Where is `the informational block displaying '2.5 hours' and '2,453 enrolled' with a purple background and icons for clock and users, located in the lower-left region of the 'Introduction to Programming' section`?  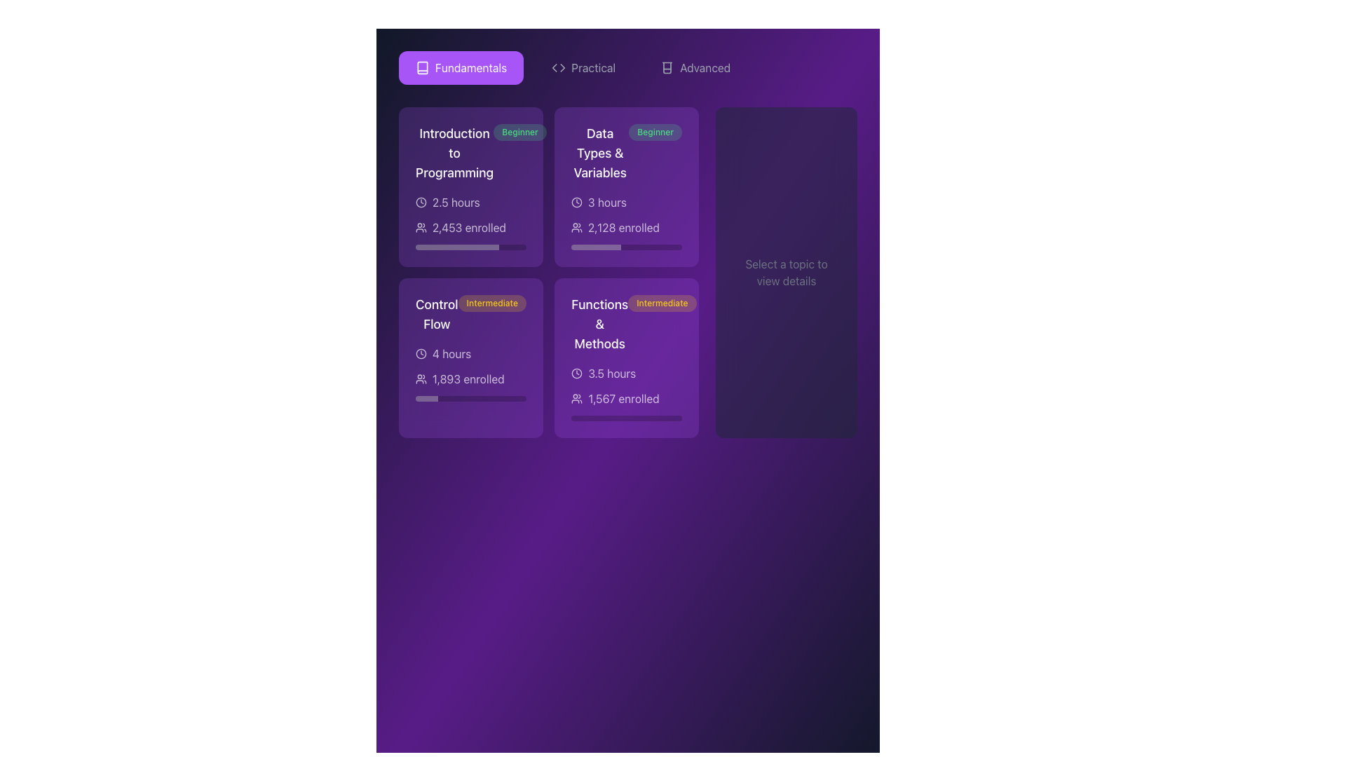 the informational block displaying '2.5 hours' and '2,453 enrolled' with a purple background and icons for clock and users, located in the lower-left region of the 'Introduction to Programming' section is located at coordinates (471, 221).